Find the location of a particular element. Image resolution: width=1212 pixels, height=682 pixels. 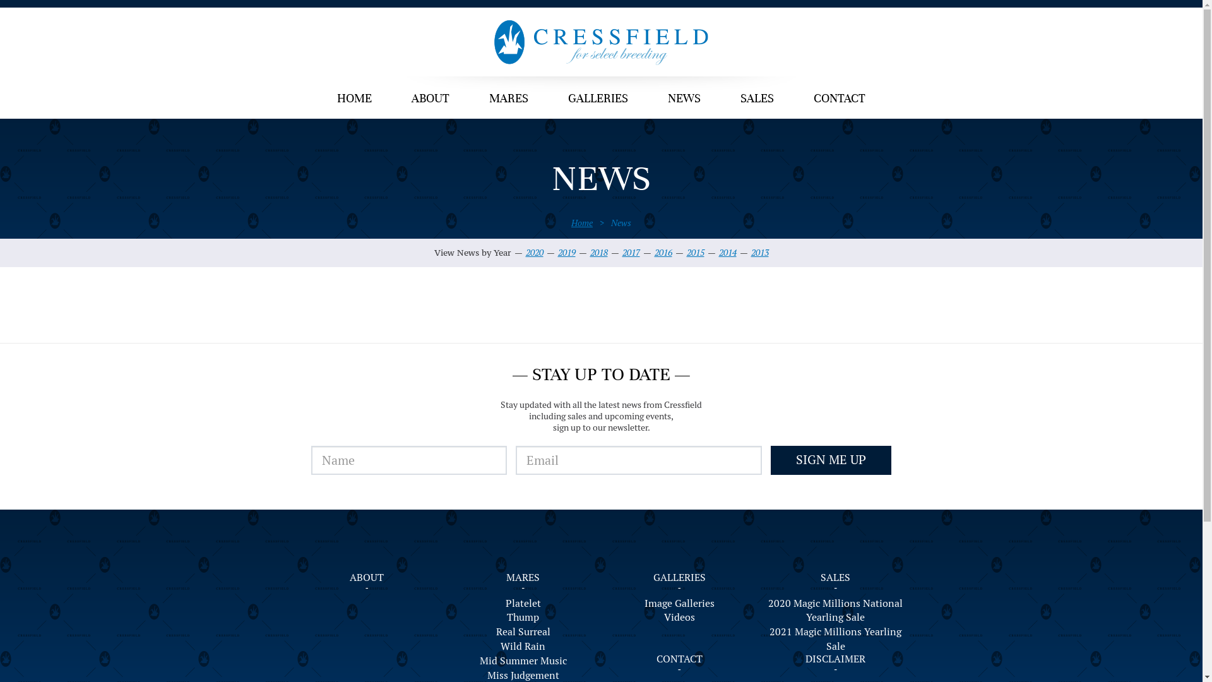

'NEWS' is located at coordinates (684, 99).